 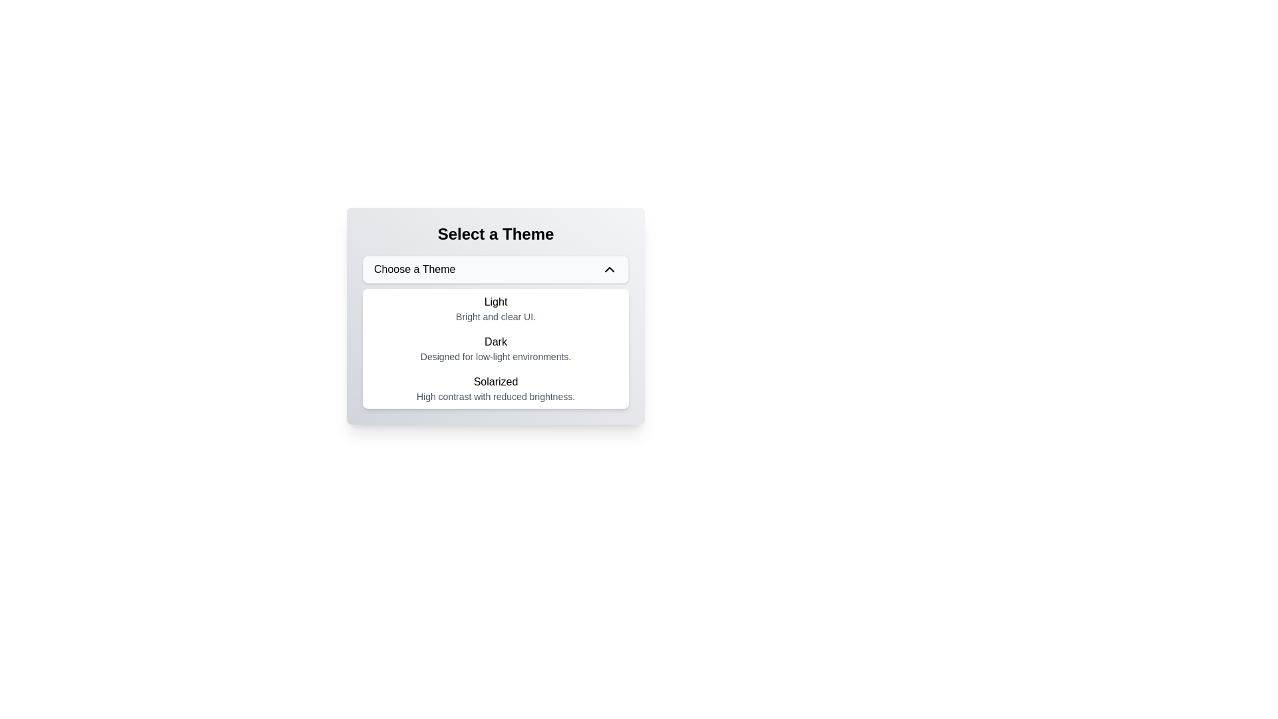 I want to click on the static text label indicating to select a theme option from the dropdown menu, located to the left of the chevron-up icon, so click(x=414, y=270).